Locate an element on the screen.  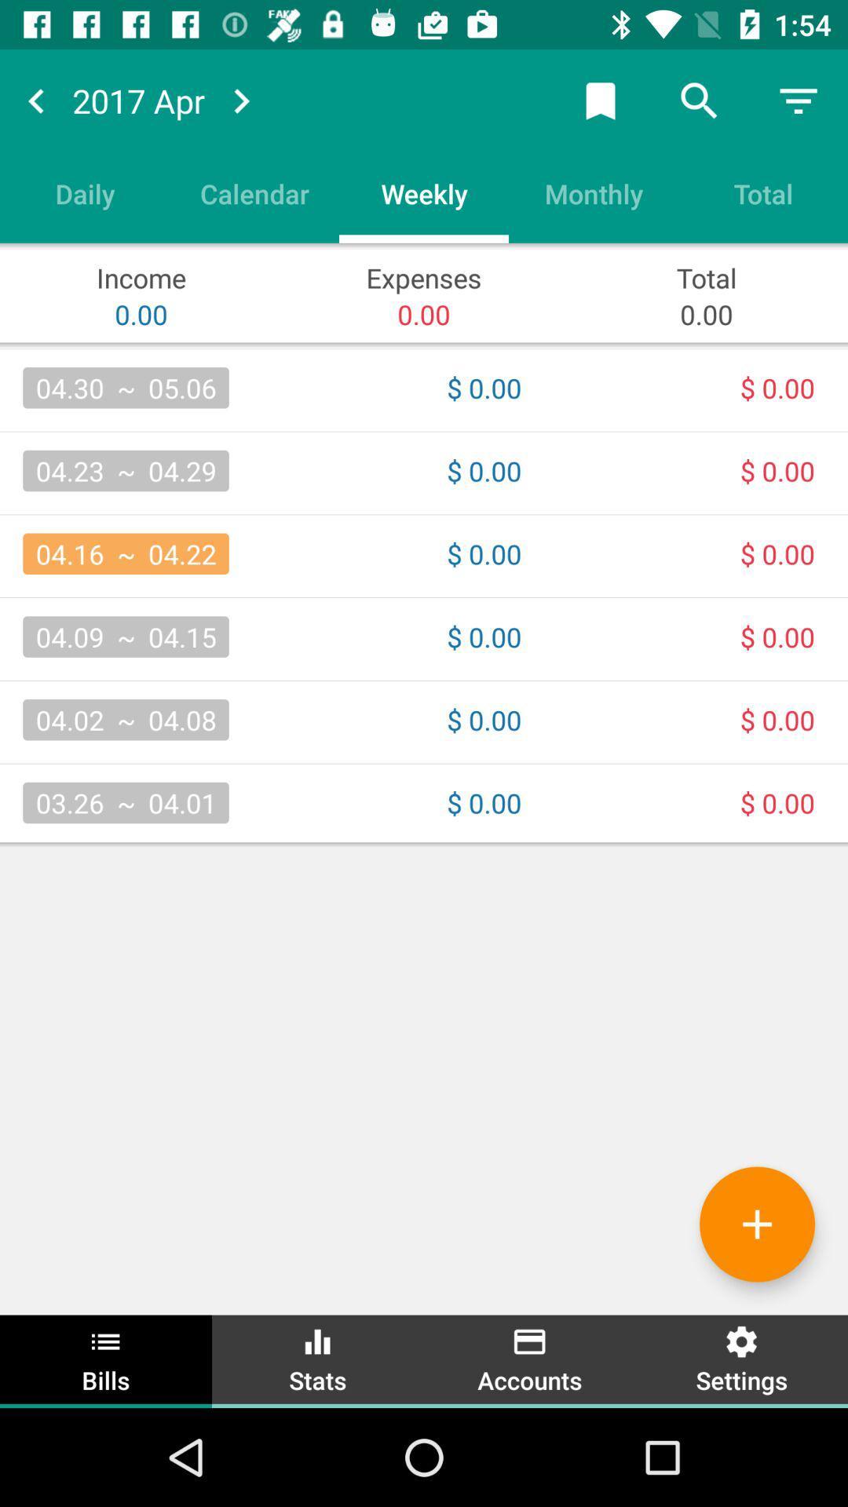
icon to the left of monthly is located at coordinates (424, 192).